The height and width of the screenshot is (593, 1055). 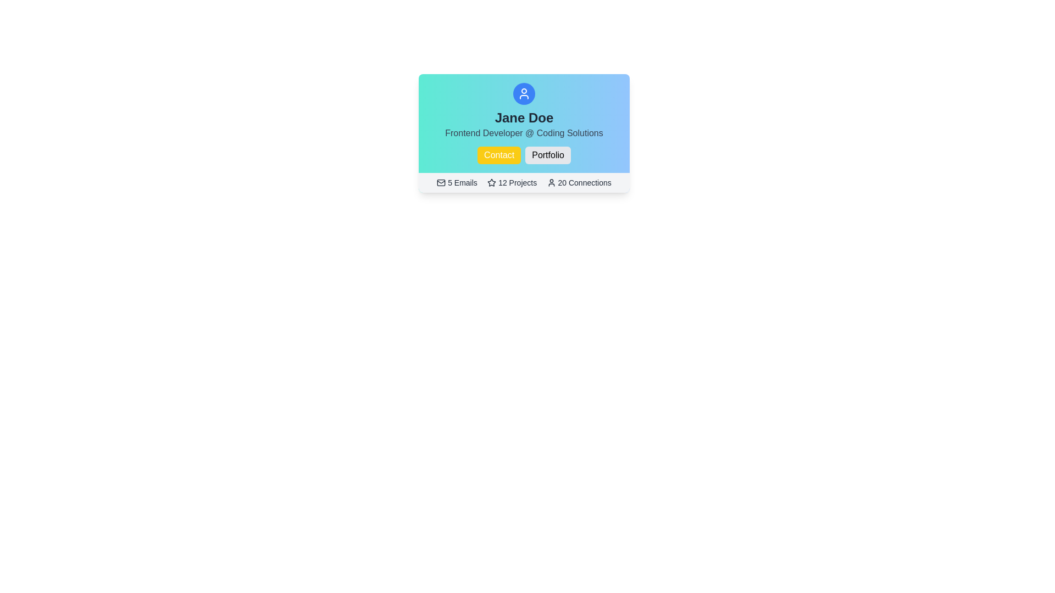 What do you see at coordinates (524, 182) in the screenshot?
I see `one of the interactive category icons located in the text group directly below the colored card displaying 'Jane Doe'` at bounding box center [524, 182].